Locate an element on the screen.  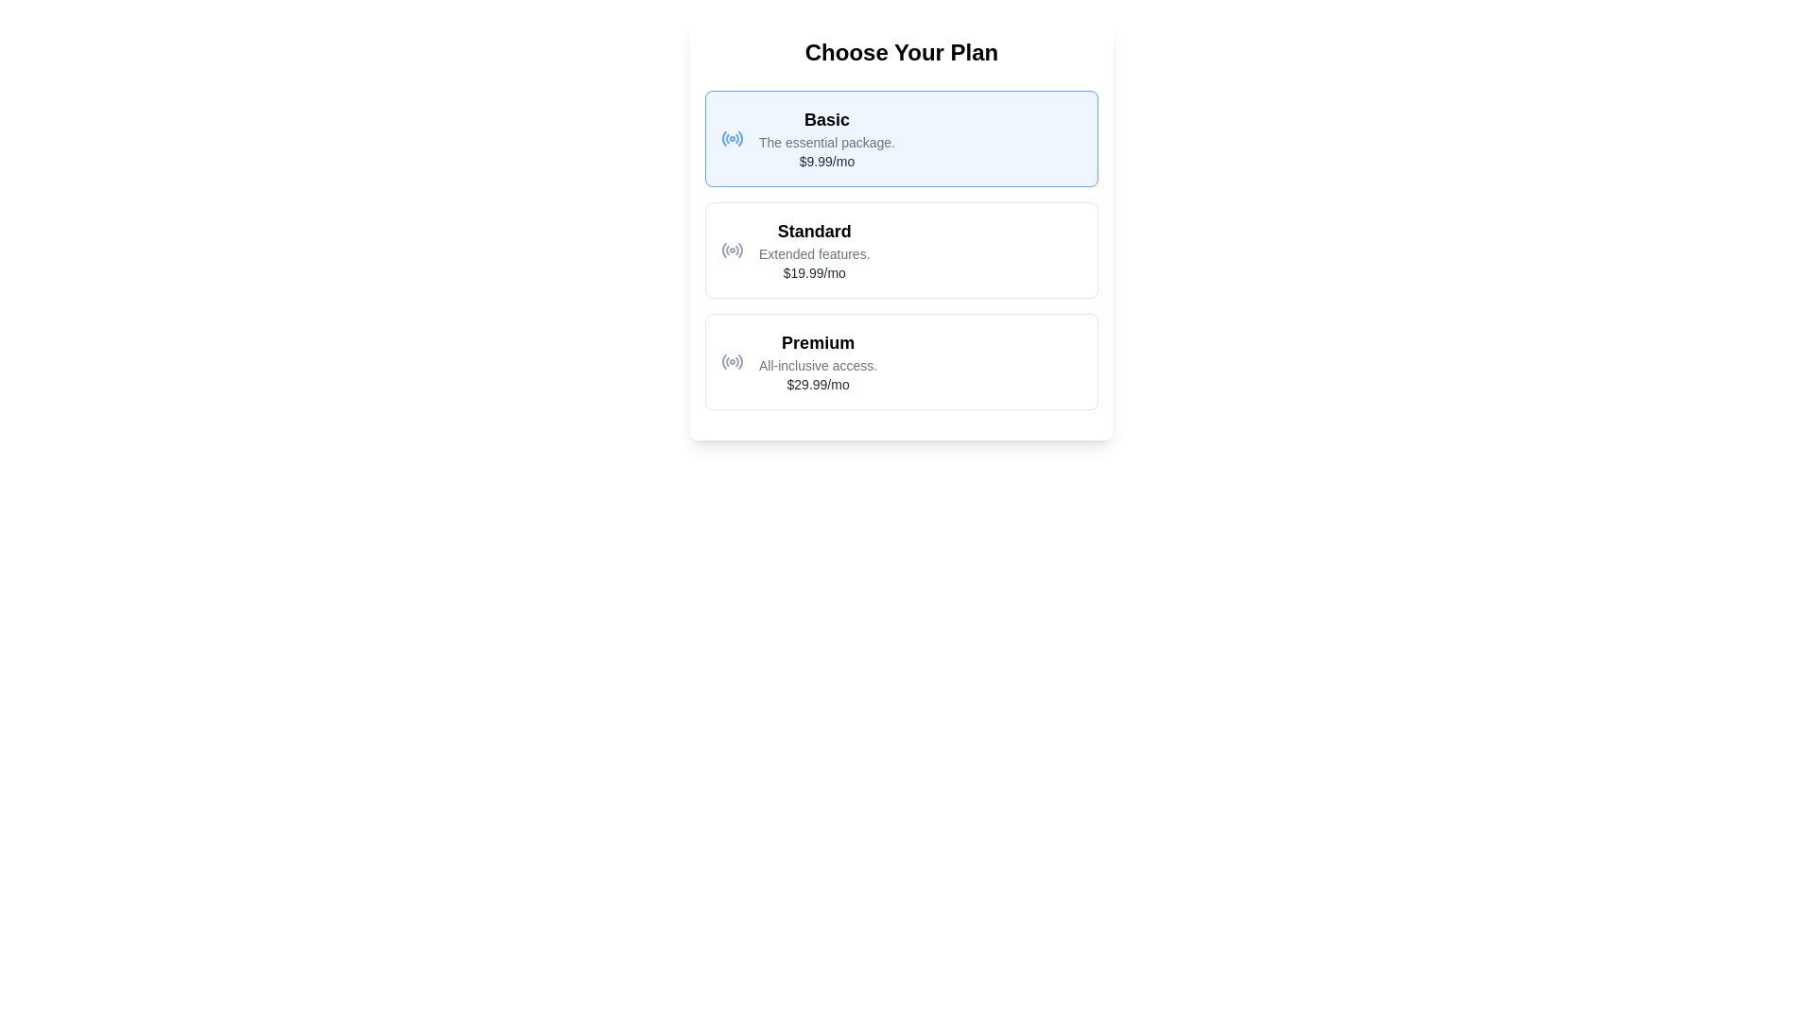
the first selectable list item representing the Basic plan is located at coordinates (826, 137).